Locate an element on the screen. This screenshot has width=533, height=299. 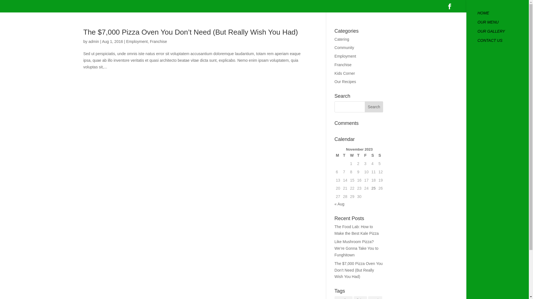
'Kids Corner' is located at coordinates (345, 73).